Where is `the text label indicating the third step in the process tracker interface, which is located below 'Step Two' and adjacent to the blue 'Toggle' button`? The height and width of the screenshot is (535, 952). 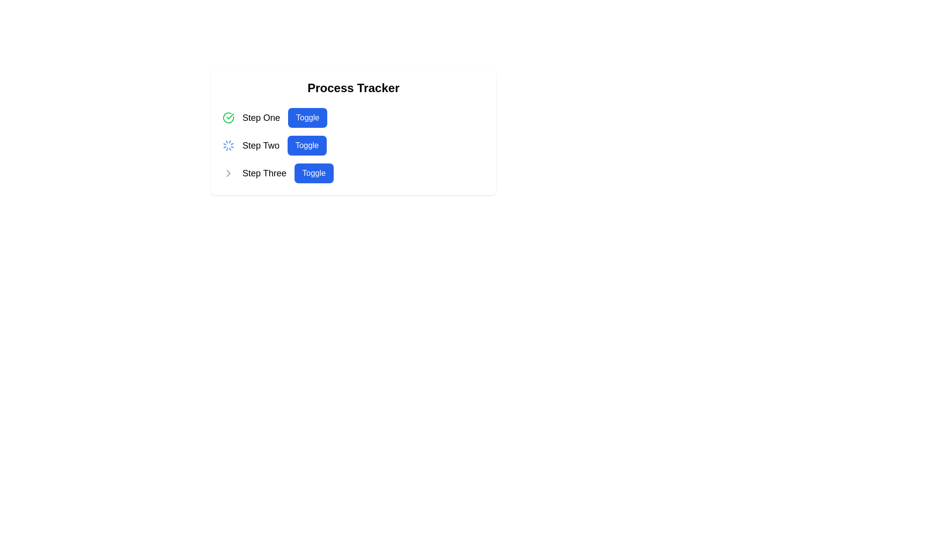 the text label indicating the third step in the process tracker interface, which is located below 'Step Two' and adjacent to the blue 'Toggle' button is located at coordinates (264, 173).